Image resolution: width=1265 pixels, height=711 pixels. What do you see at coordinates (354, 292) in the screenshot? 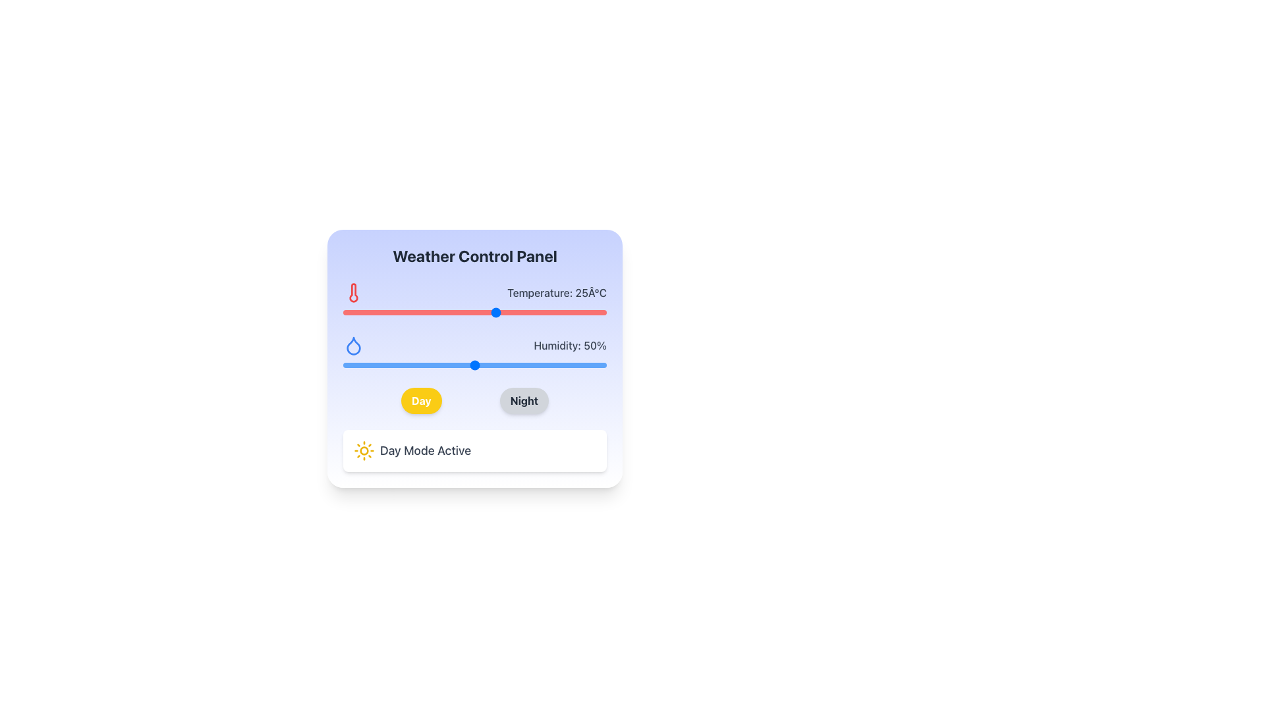
I see `the red vertical tube of the thermometer icon located in the Weather Control Panel, which is adjacent to the red horizontal slider and above the 'Temperature: 25°C' label` at bounding box center [354, 292].